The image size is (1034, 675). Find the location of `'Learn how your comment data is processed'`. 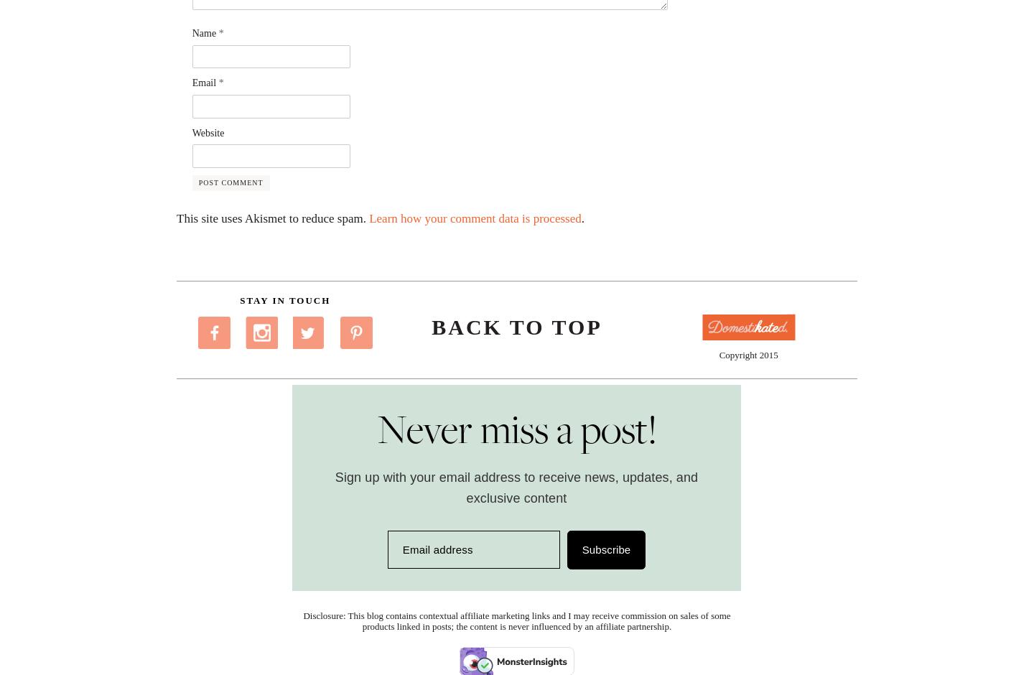

'Learn how your comment data is processed' is located at coordinates (475, 218).